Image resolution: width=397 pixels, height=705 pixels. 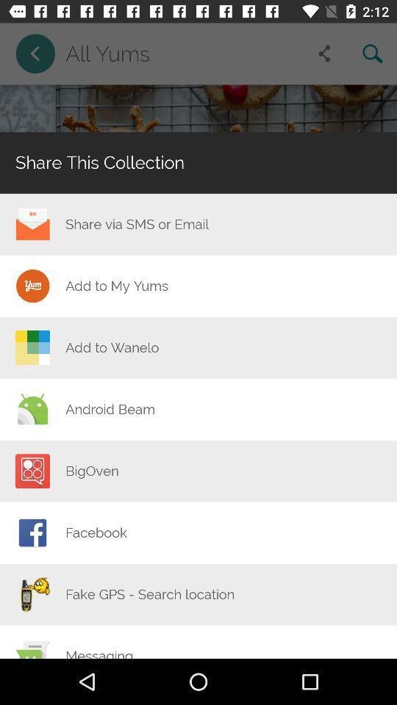 I want to click on the icon below add to wanelo icon, so click(x=110, y=409).